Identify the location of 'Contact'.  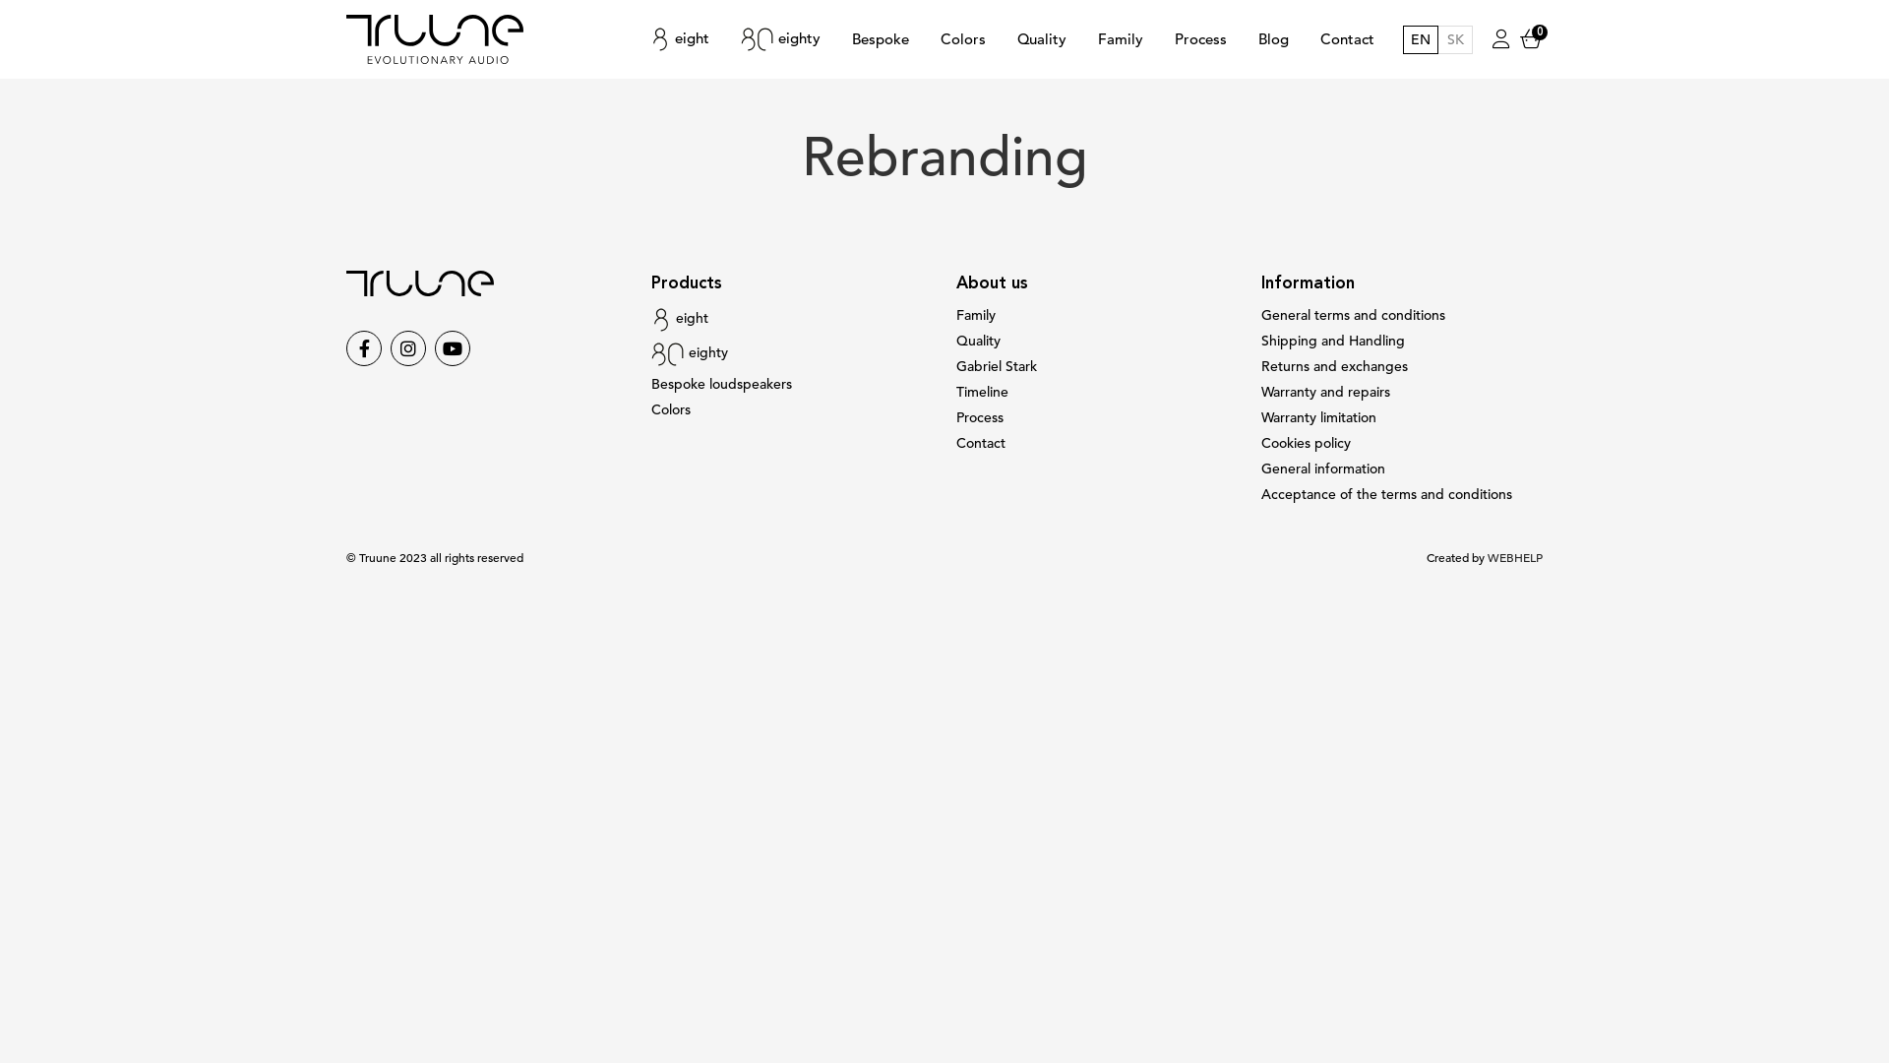
(981, 443).